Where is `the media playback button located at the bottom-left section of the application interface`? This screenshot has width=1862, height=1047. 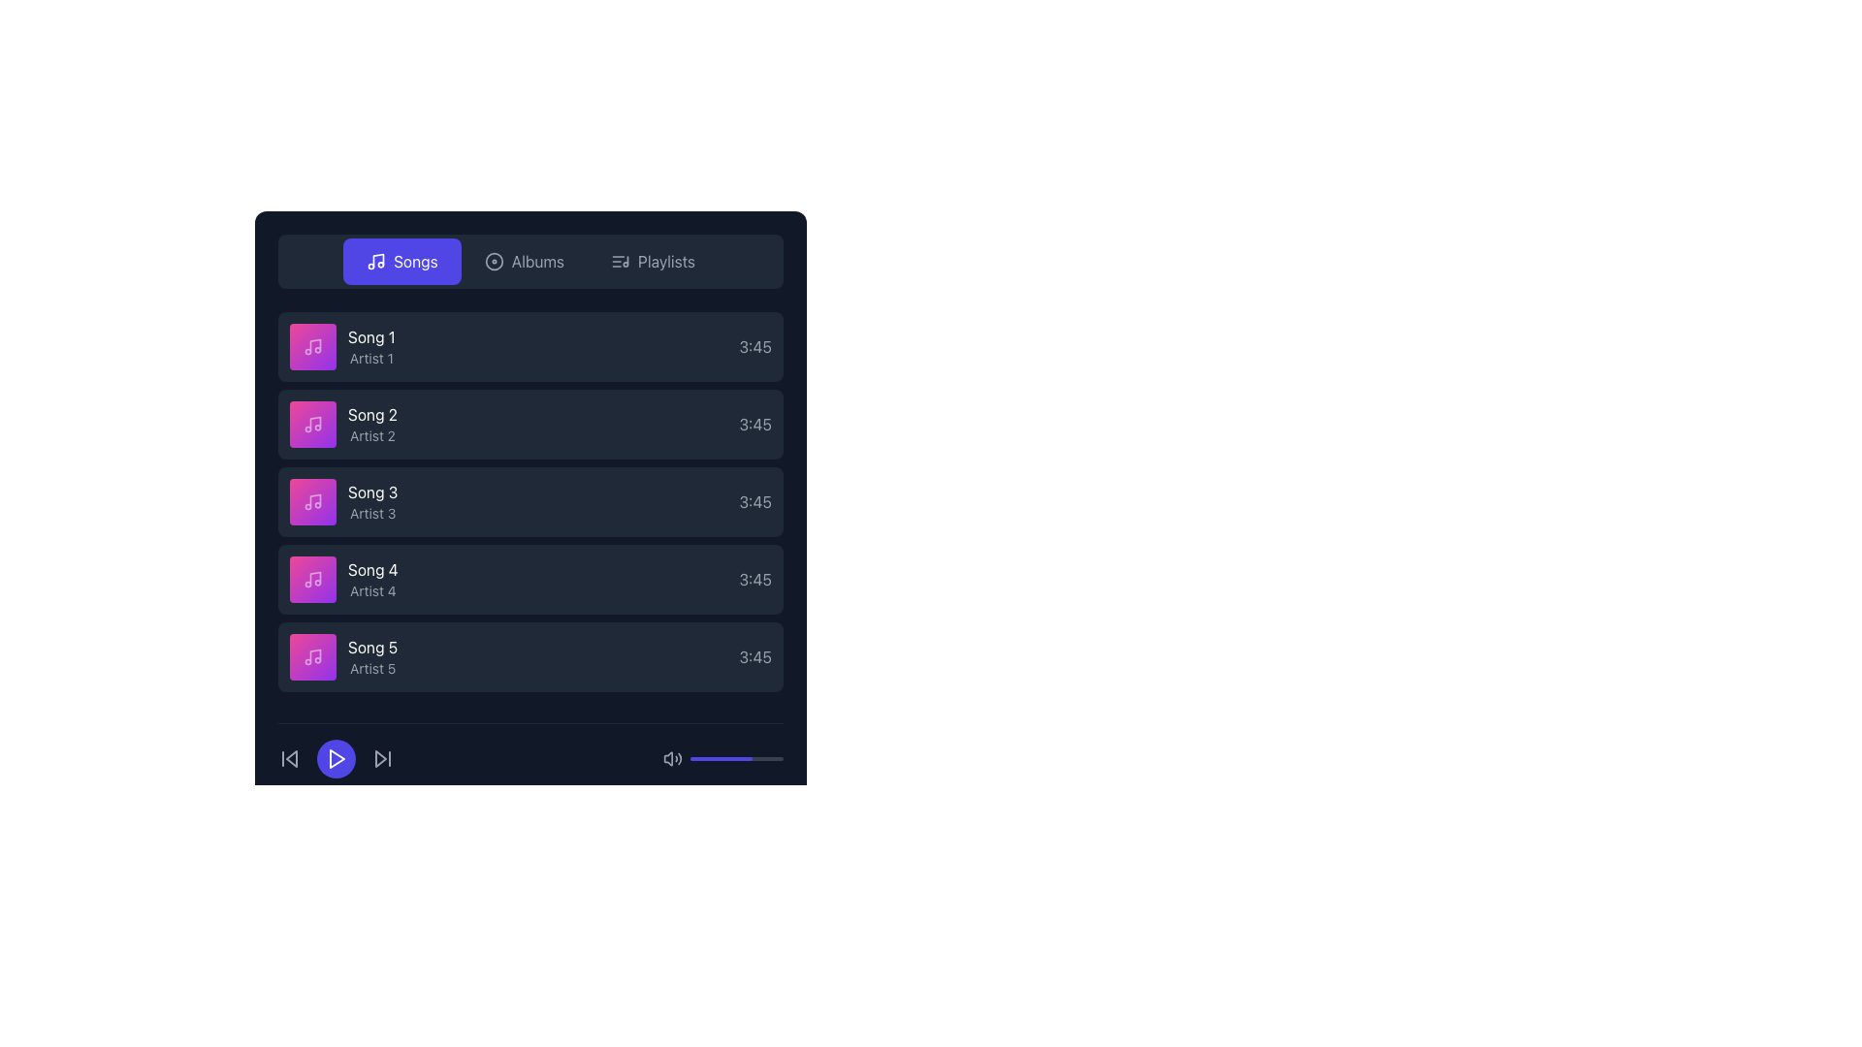 the media playback button located at the bottom-left section of the application interface is located at coordinates (336, 758).